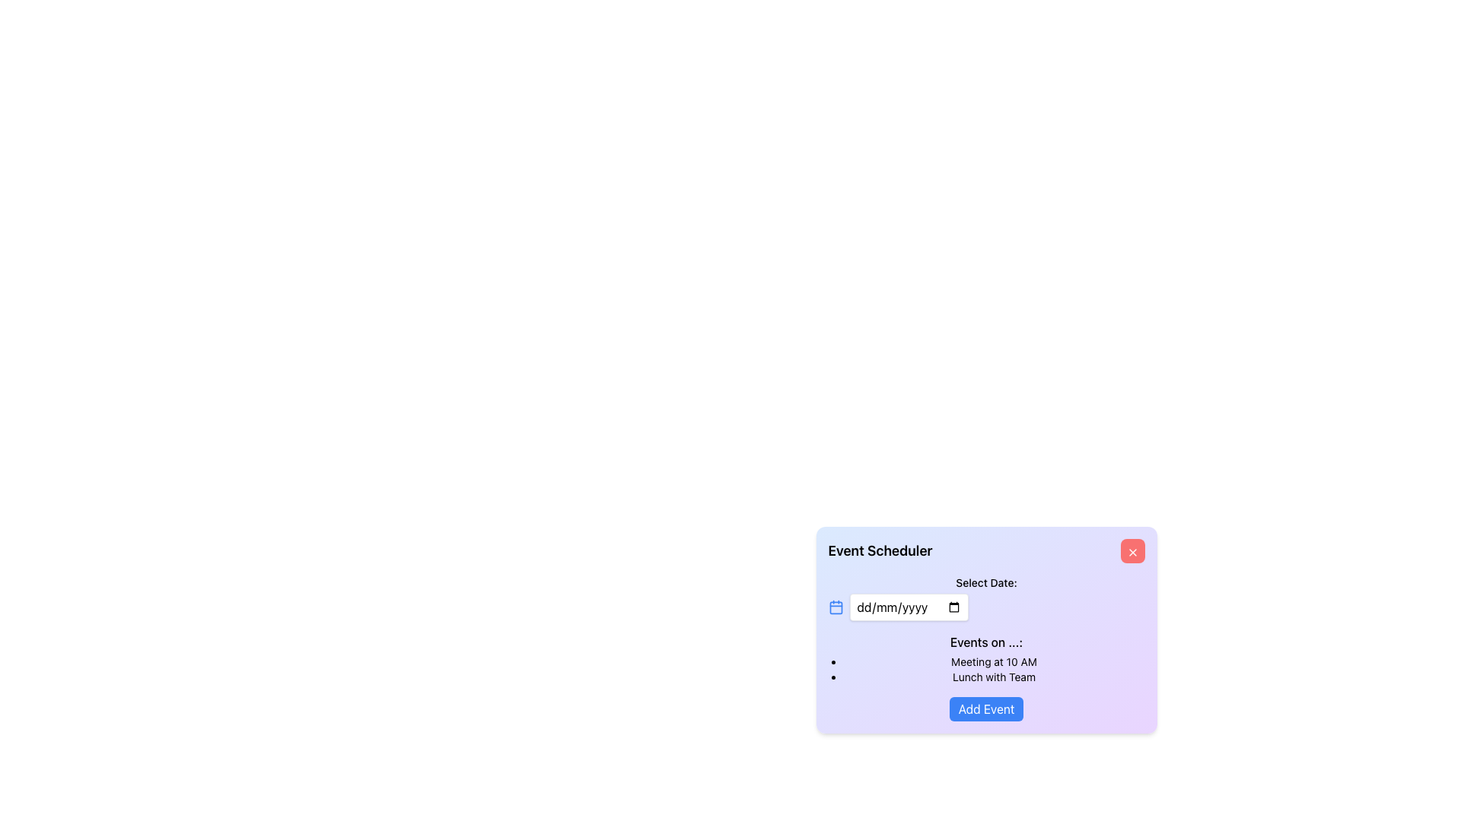  What do you see at coordinates (835, 607) in the screenshot?
I see `the bottom right portion of the calendar icon, which is positioned to the left of the date text input` at bounding box center [835, 607].